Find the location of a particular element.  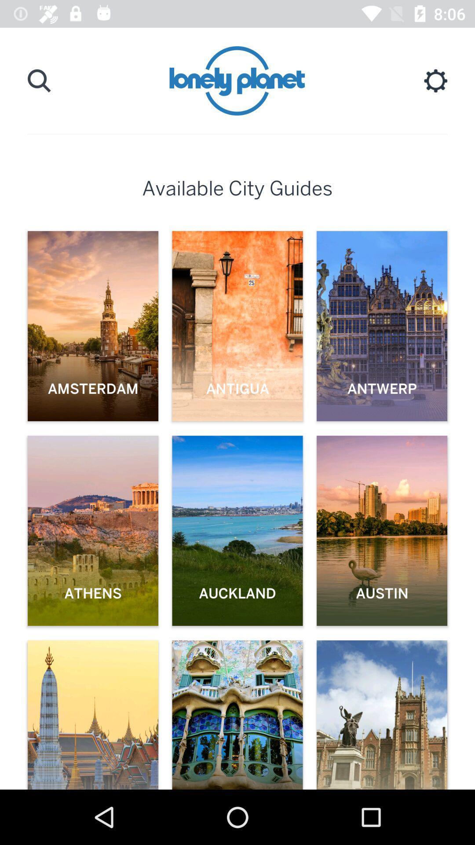

the icon at the top left corner is located at coordinates (39, 81).